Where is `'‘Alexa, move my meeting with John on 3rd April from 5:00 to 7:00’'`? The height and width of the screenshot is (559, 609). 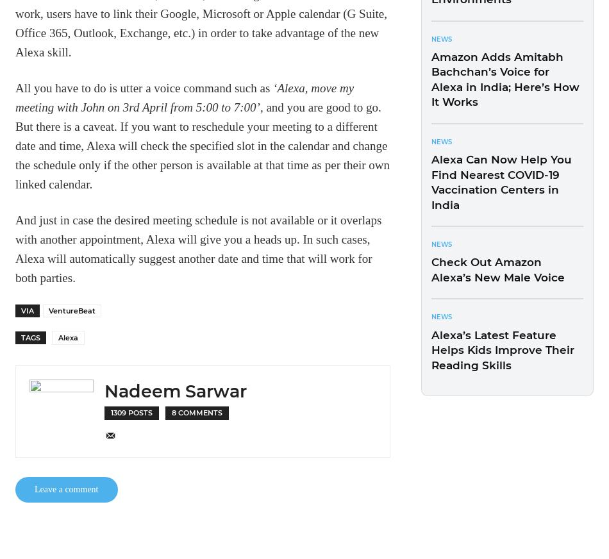
'‘Alexa, move my meeting with John on 3rd April from 5:00 to 7:00’' is located at coordinates (184, 97).